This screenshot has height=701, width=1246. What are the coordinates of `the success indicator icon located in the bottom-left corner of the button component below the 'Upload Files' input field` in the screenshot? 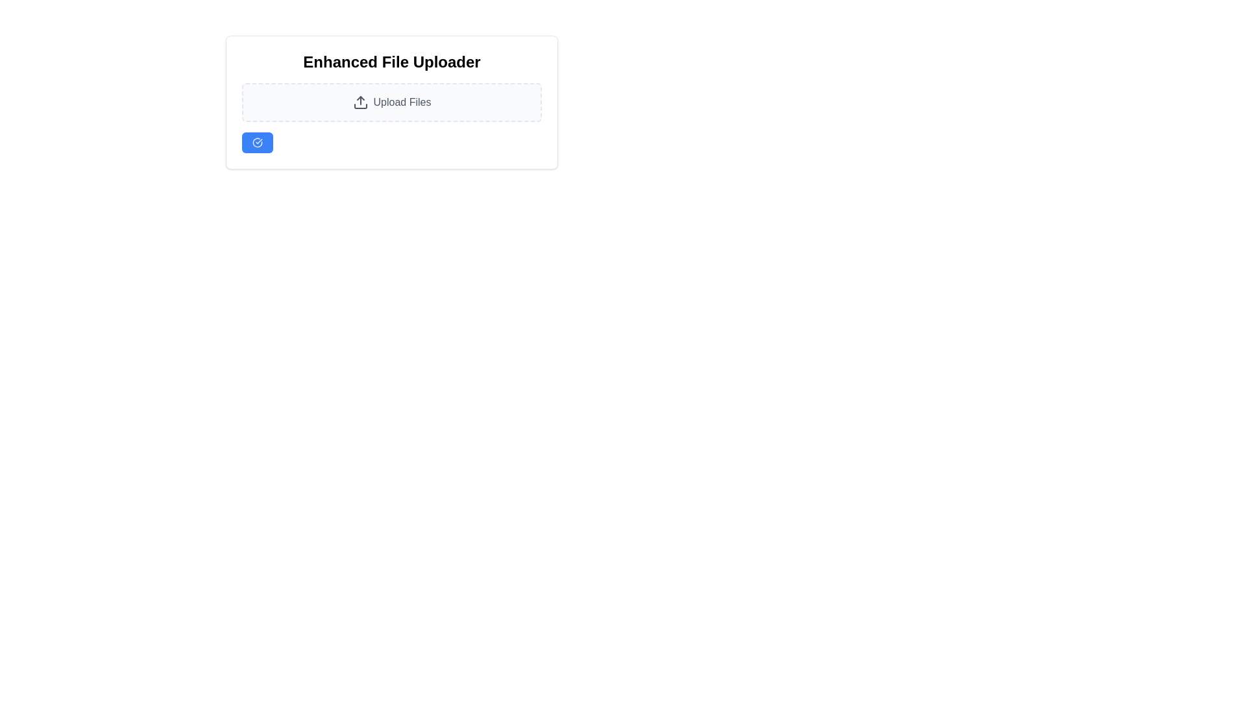 It's located at (258, 142).